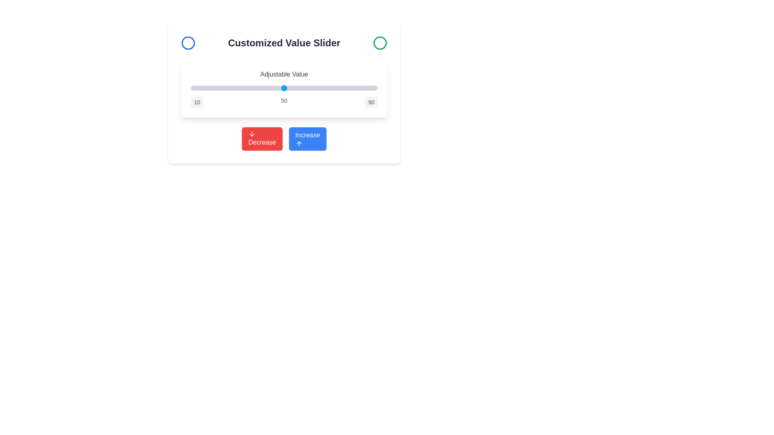  Describe the element at coordinates (197, 102) in the screenshot. I see `the label displaying the number '10', which is a small rectangular label with rounded corners and a light gray background, positioned to the left of a slider component` at that location.